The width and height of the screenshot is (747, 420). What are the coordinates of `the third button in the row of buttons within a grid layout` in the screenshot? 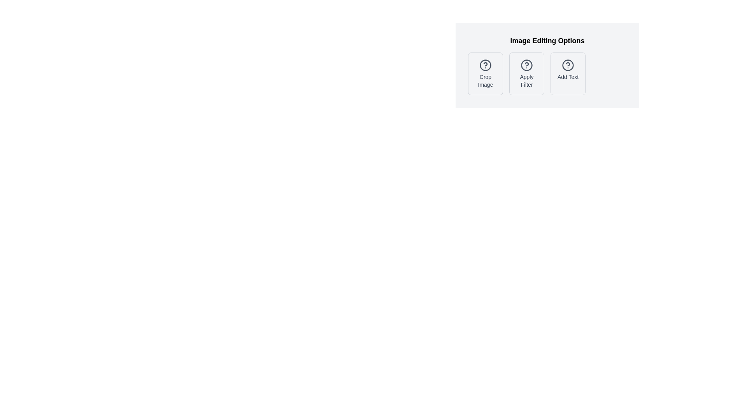 It's located at (568, 73).